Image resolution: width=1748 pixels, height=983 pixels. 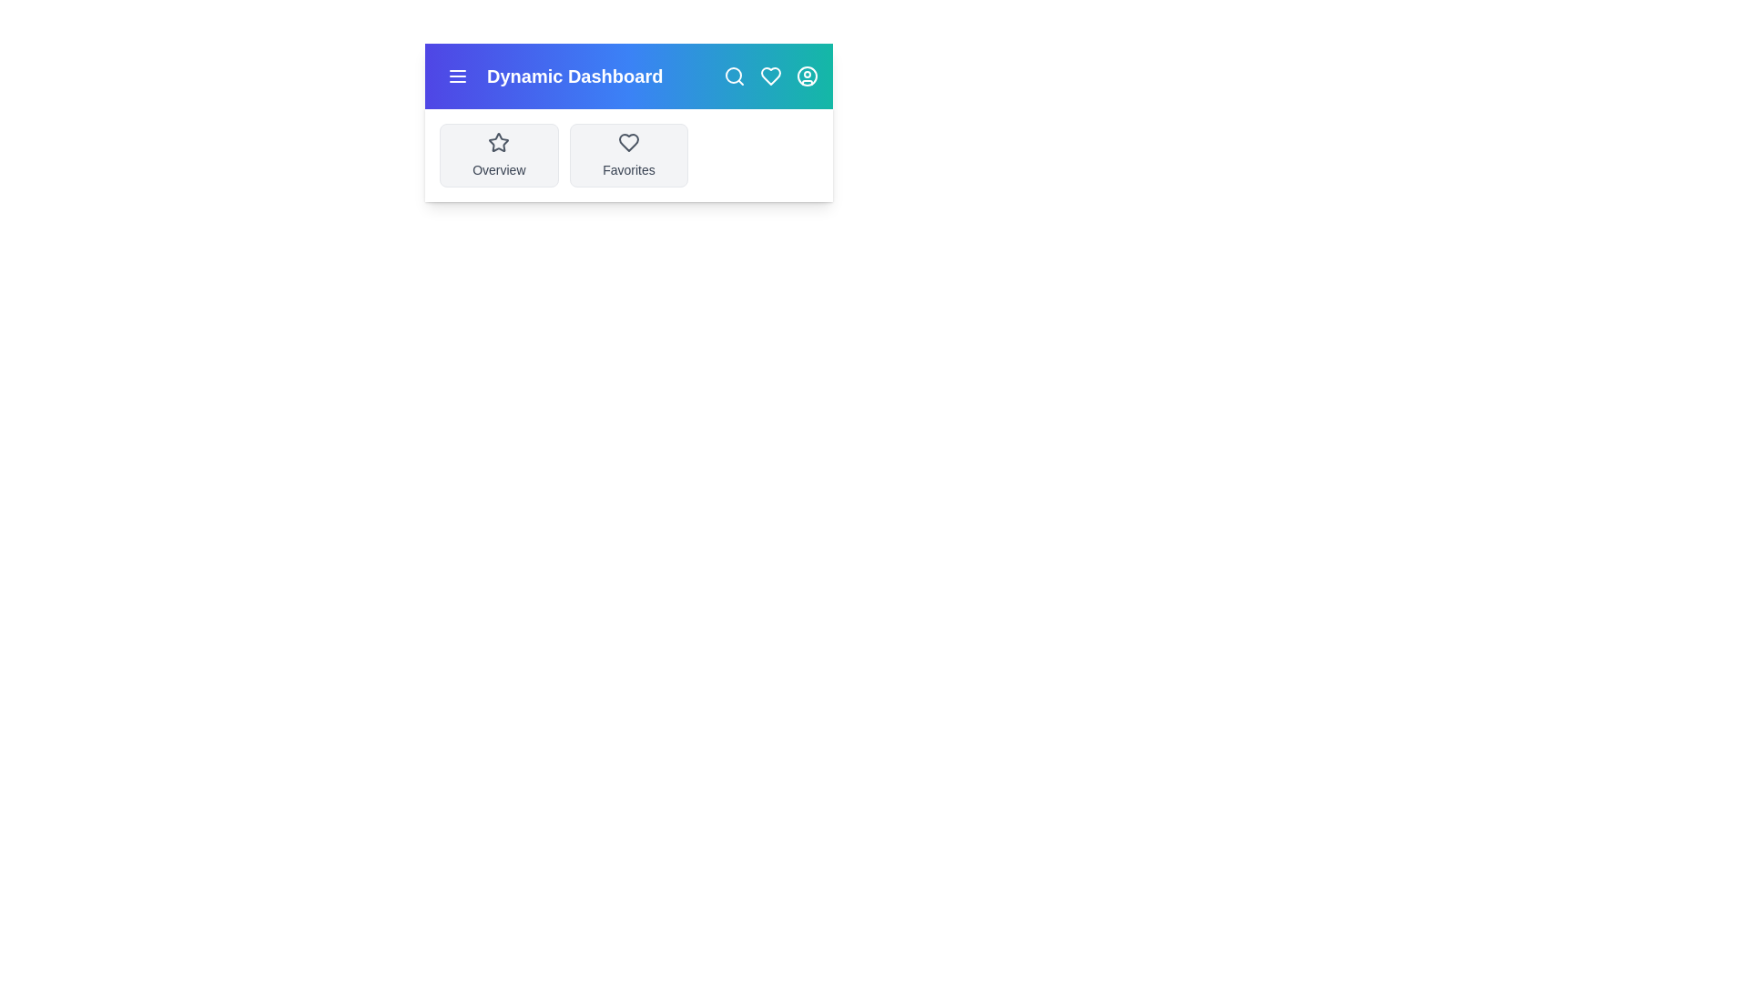 What do you see at coordinates (807, 76) in the screenshot?
I see `the user profile icon to view user options` at bounding box center [807, 76].